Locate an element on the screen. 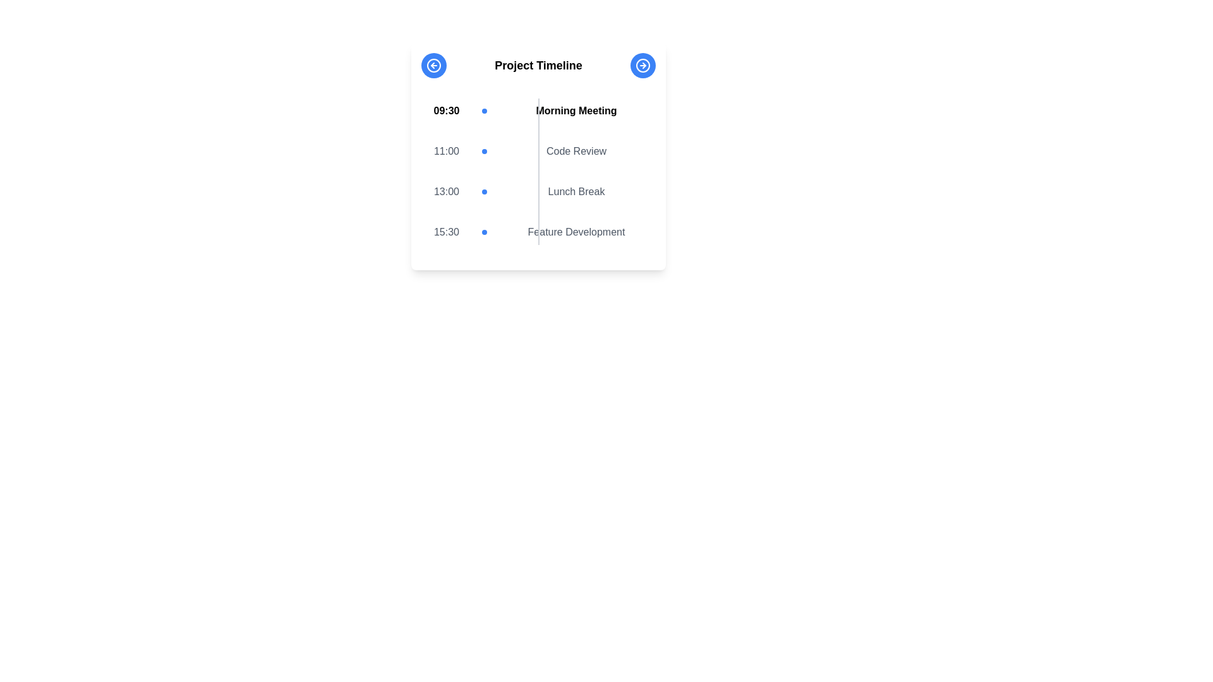 The image size is (1213, 682). the SVG circle component of the left-arrow navigation button located in the top-left corner of the 'Project Timeline' card is located at coordinates (433, 66).